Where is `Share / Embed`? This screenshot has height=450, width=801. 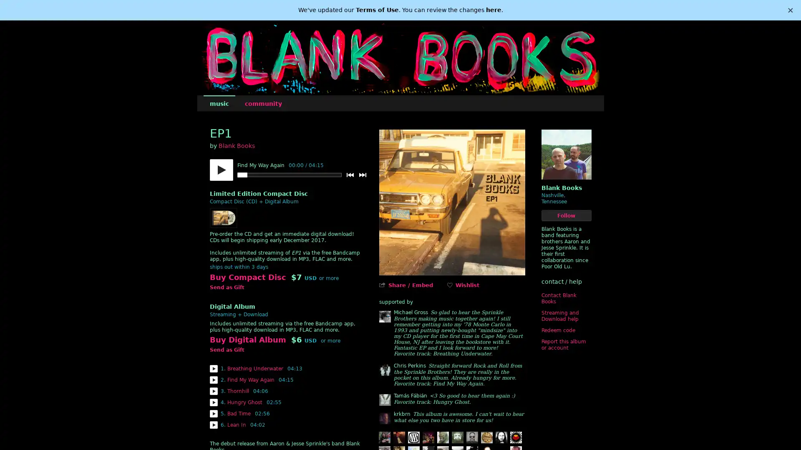 Share / Embed is located at coordinates (410, 285).